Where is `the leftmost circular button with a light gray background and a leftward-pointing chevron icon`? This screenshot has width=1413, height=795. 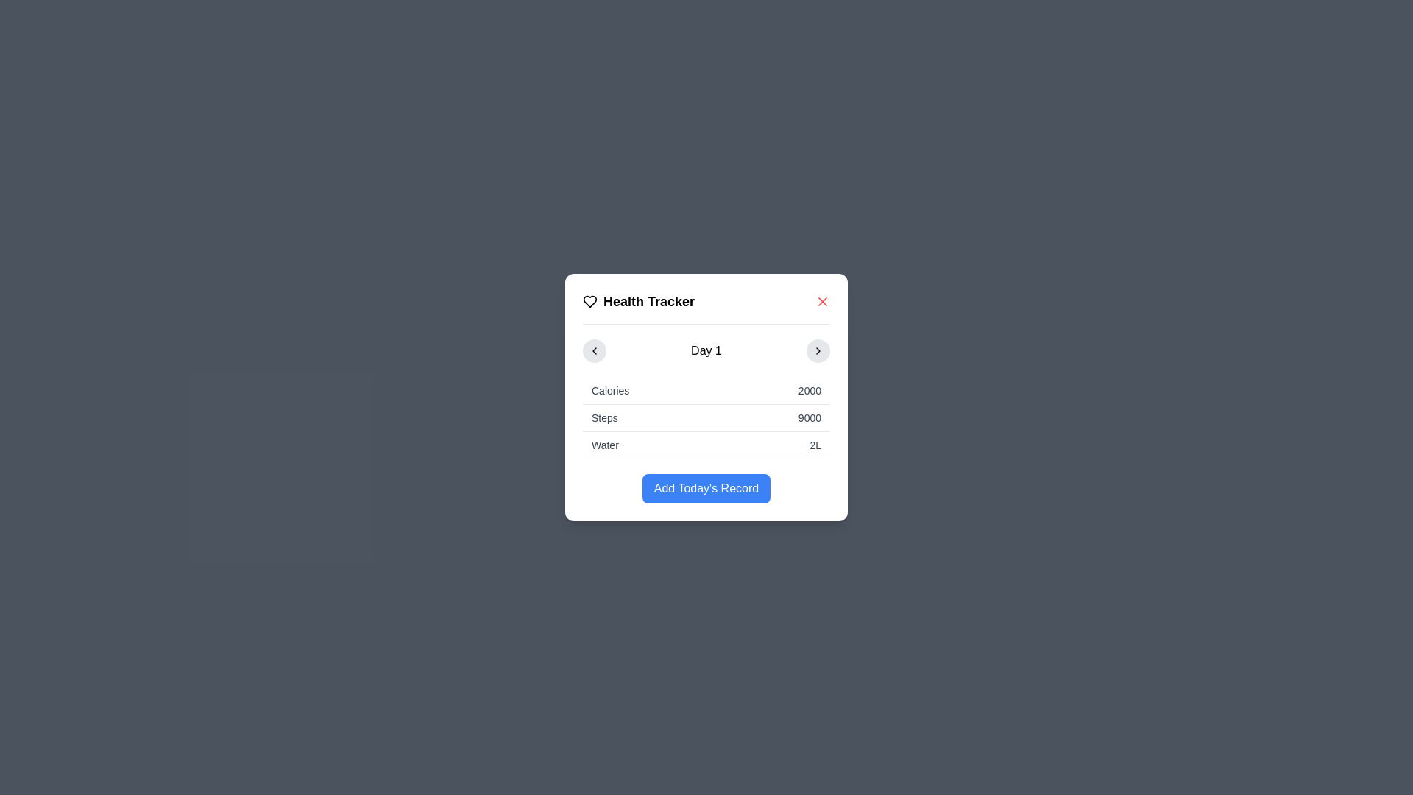
the leftmost circular button with a light gray background and a leftward-pointing chevron icon is located at coordinates (594, 351).